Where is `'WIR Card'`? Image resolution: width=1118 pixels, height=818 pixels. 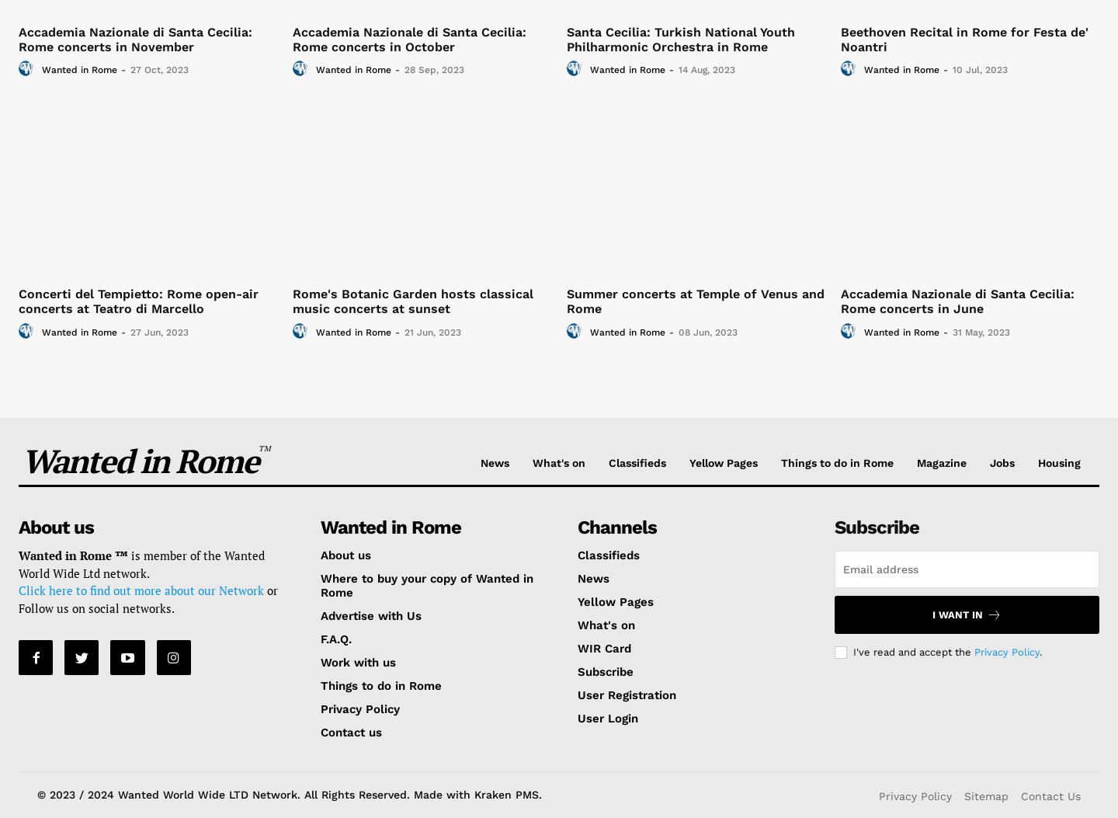
'WIR Card' is located at coordinates (602, 648).